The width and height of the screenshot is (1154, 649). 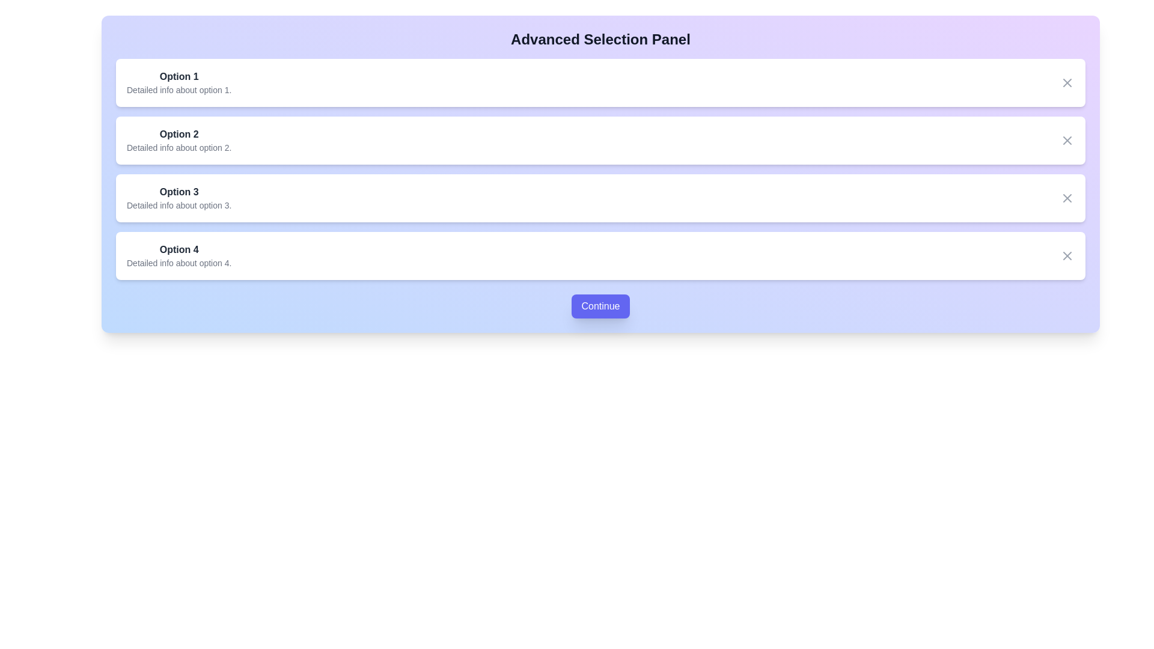 What do you see at coordinates (600, 198) in the screenshot?
I see `the List Item Card displaying information about 'Option 3', which is the third item in a vertically stacked list of option cards` at bounding box center [600, 198].